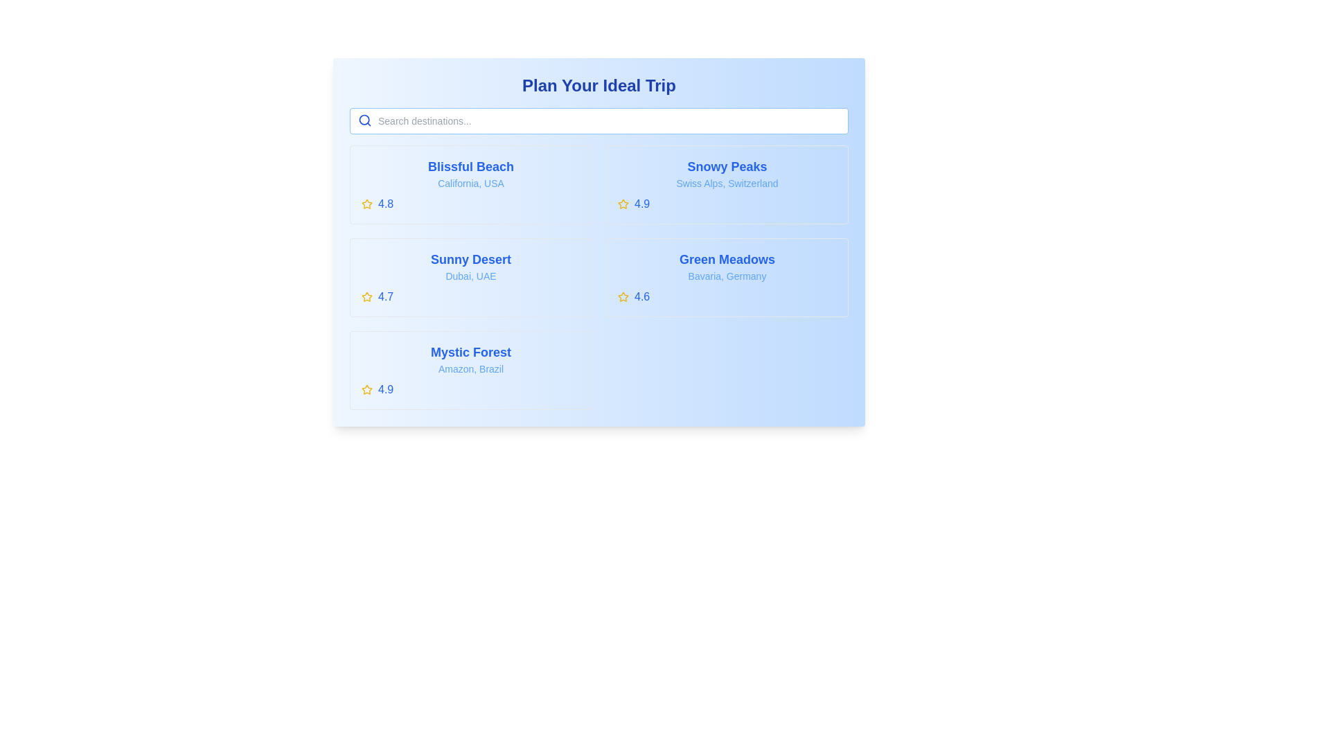  I want to click on the visual rating indicator icon next to the rating '4.9' for 'Snowy Peaks', so click(623, 204).